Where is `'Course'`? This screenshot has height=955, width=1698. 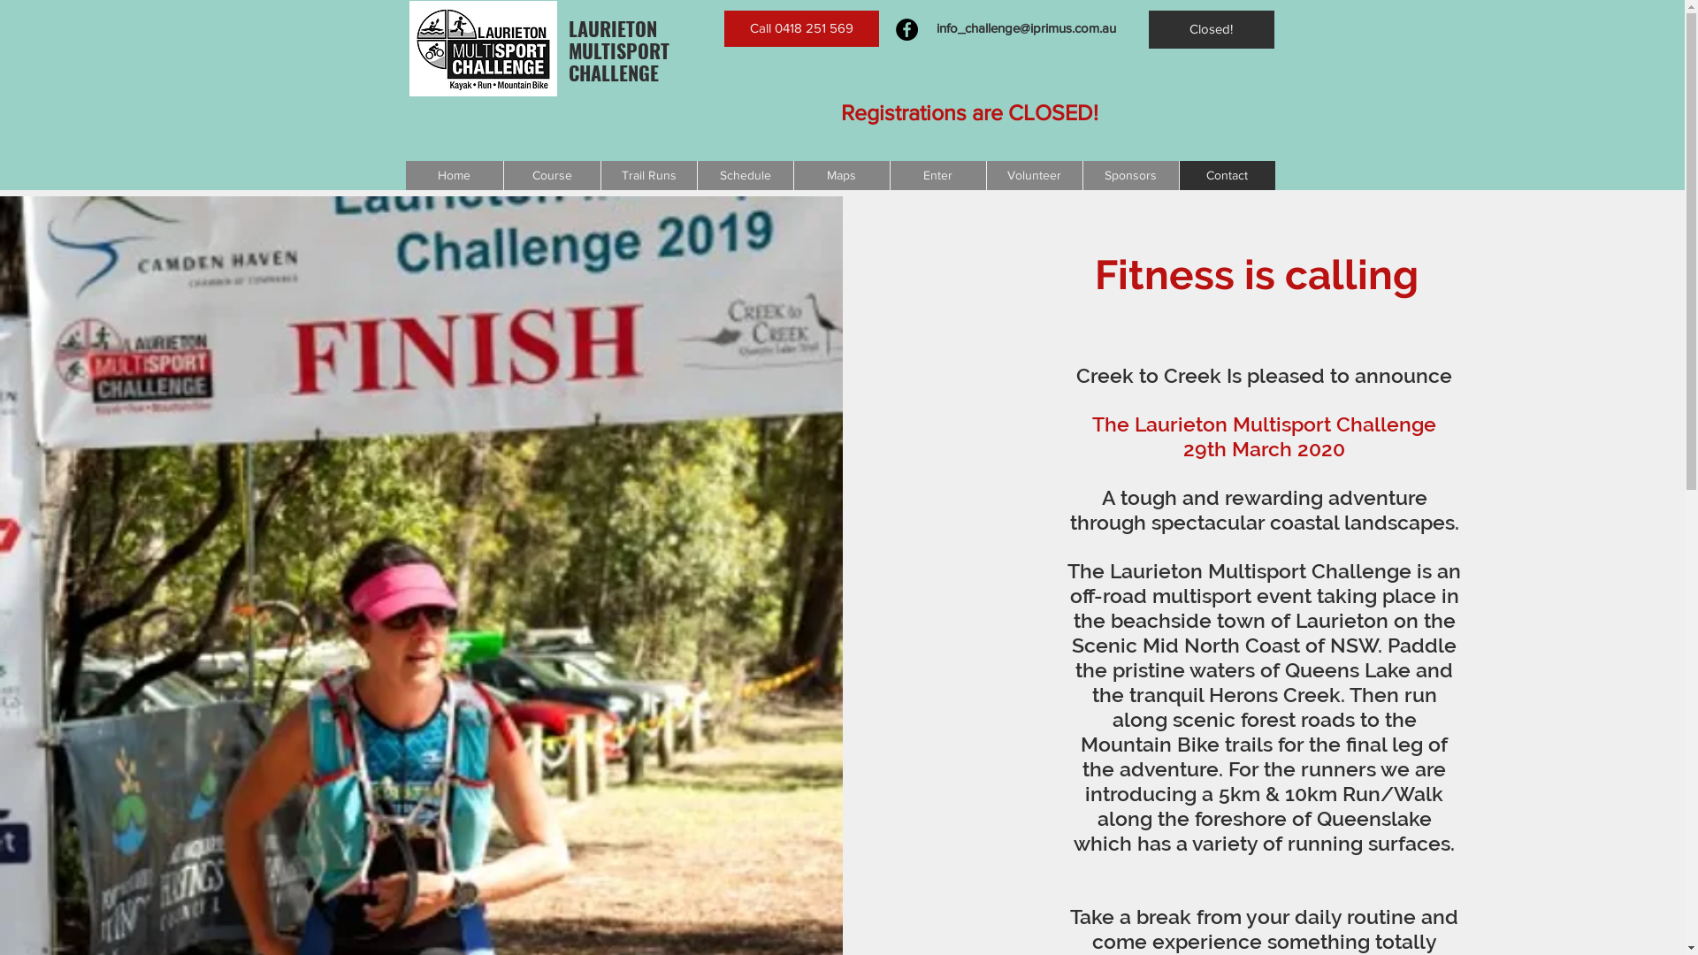 'Course' is located at coordinates (550, 175).